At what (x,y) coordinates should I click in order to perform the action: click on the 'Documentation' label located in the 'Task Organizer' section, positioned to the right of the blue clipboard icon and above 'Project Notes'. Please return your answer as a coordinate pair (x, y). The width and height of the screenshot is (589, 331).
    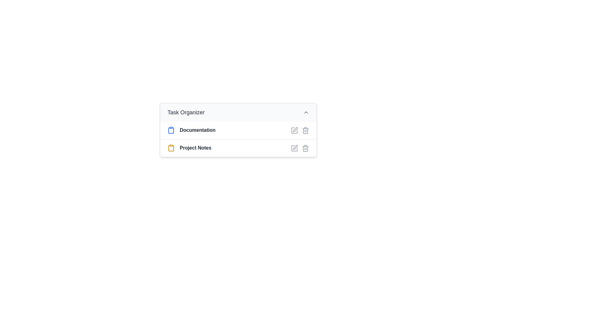
    Looking at the image, I should click on (198, 130).